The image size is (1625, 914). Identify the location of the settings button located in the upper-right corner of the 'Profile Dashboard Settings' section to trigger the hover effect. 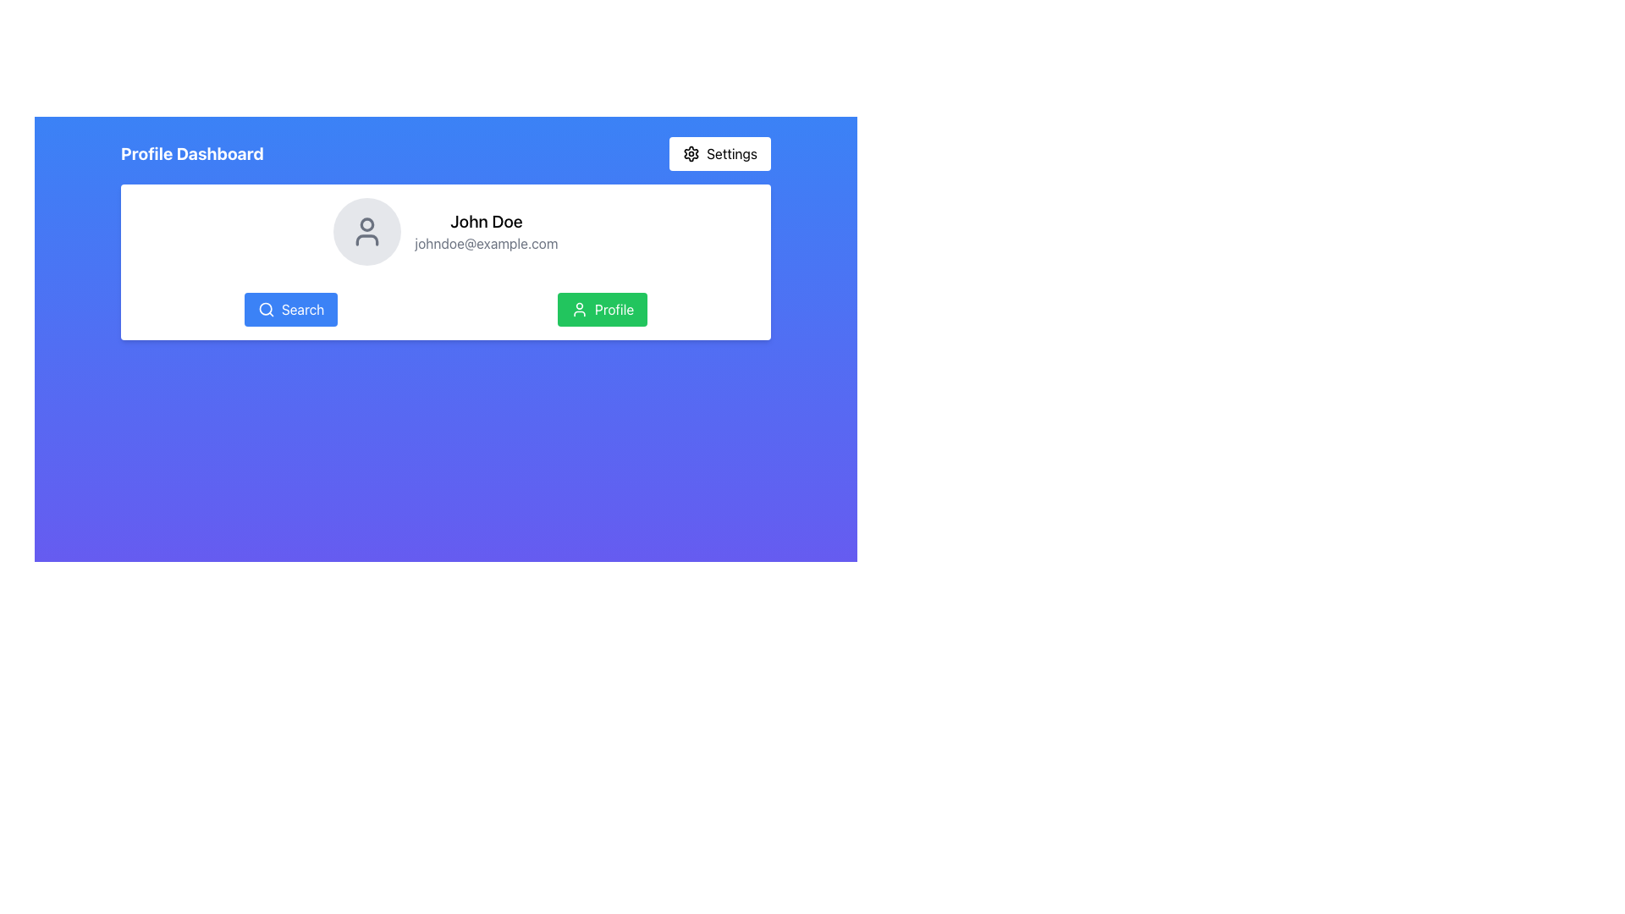
(720, 153).